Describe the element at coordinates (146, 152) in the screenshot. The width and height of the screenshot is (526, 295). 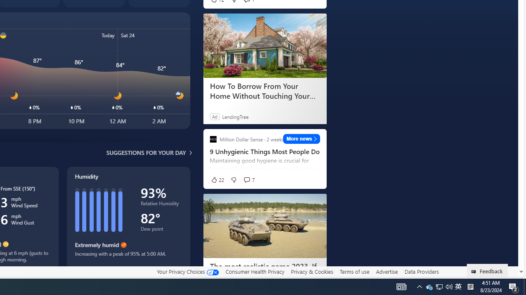
I see `'Suggestions for your day'` at that location.